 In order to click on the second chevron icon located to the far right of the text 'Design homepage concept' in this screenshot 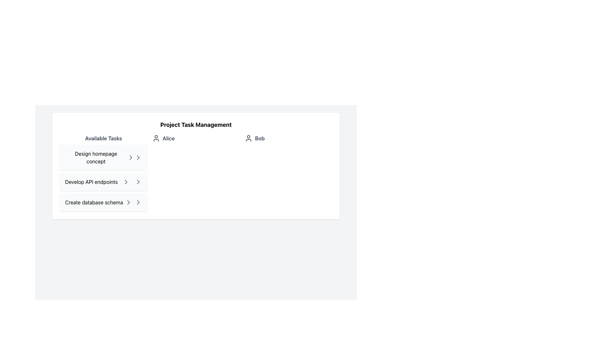, I will do `click(138, 158)`.